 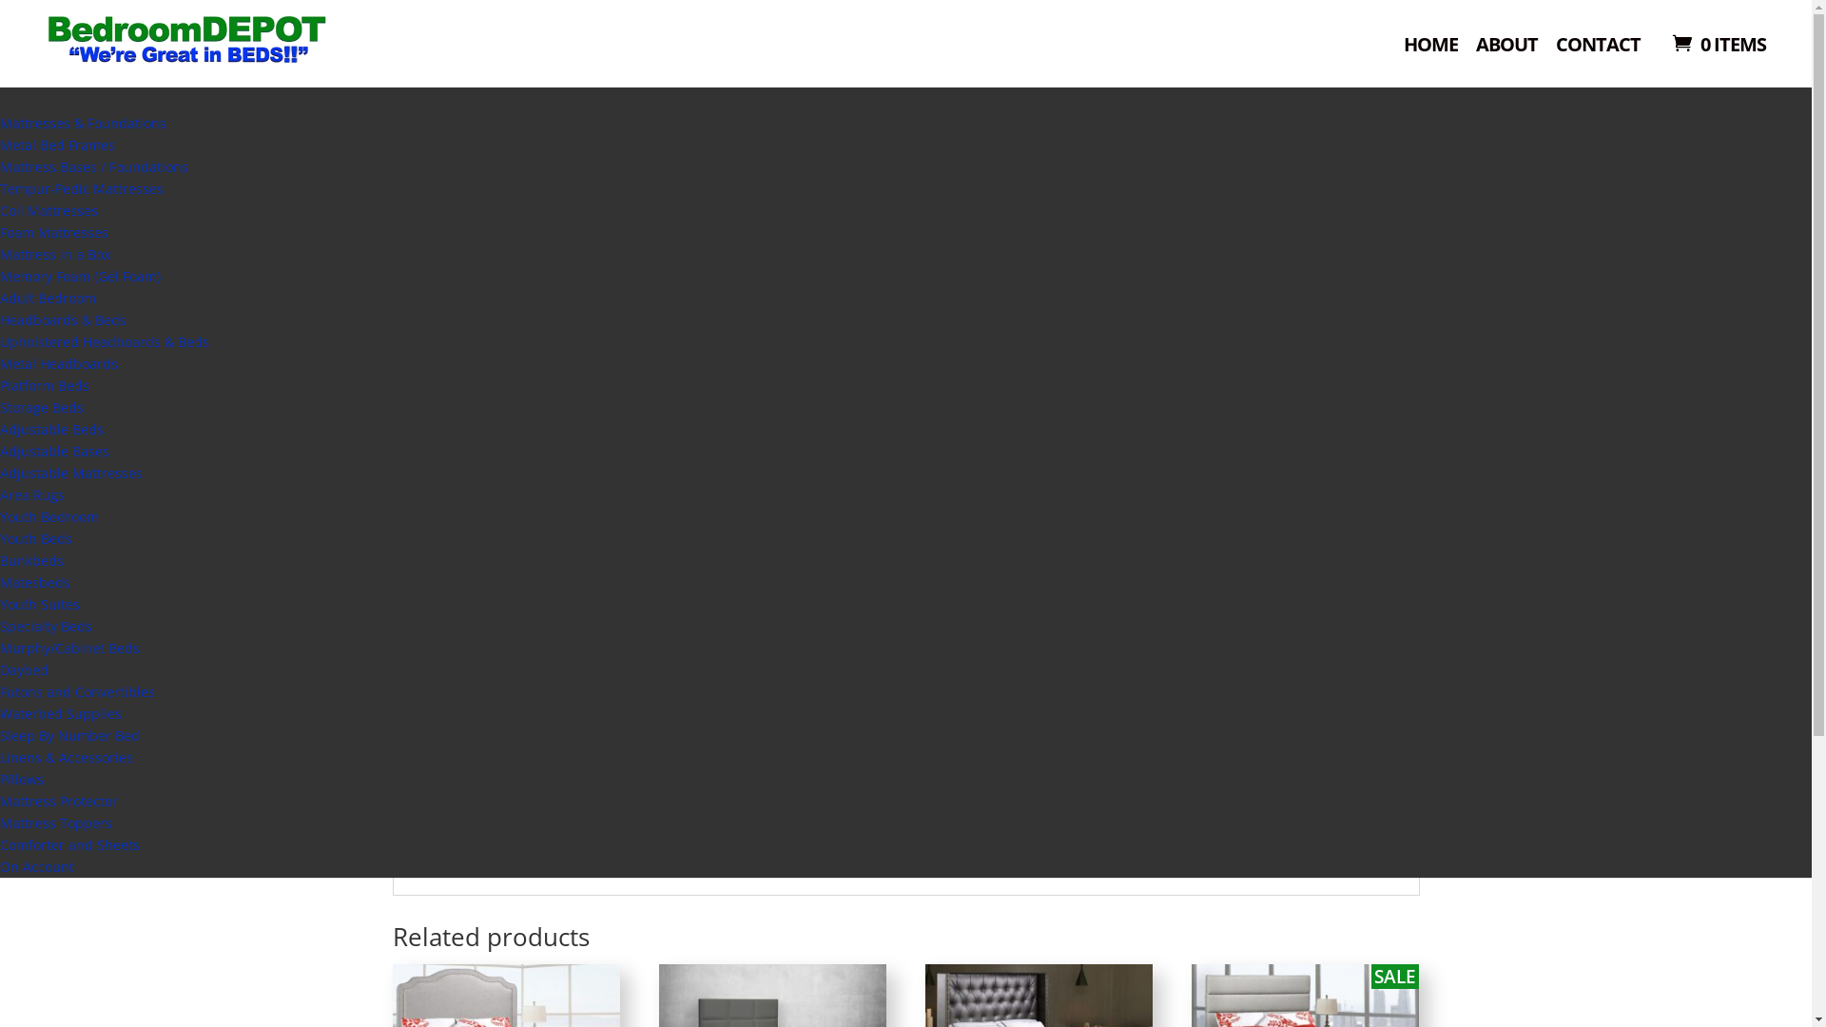 I want to click on 'Bunkbeds', so click(x=31, y=559).